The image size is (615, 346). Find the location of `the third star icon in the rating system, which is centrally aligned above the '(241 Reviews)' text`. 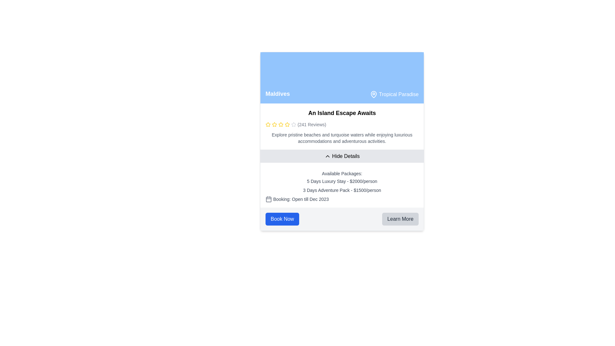

the third star icon in the rating system, which is centrally aligned above the '(241 Reviews)' text is located at coordinates (275, 125).